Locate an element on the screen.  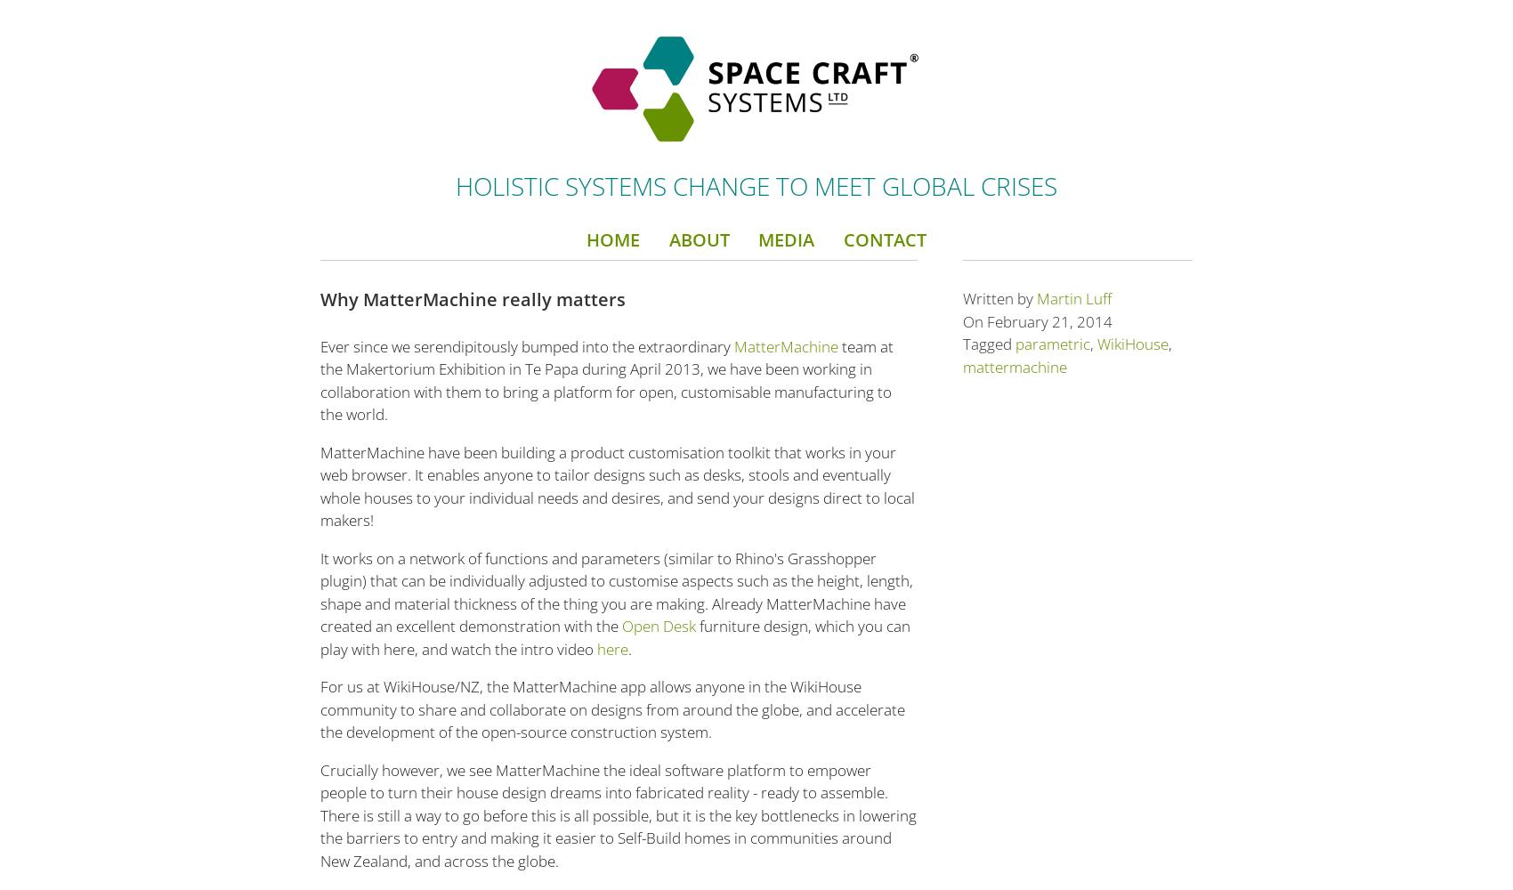
'Why MatterMachine really matters' is located at coordinates (473, 298).